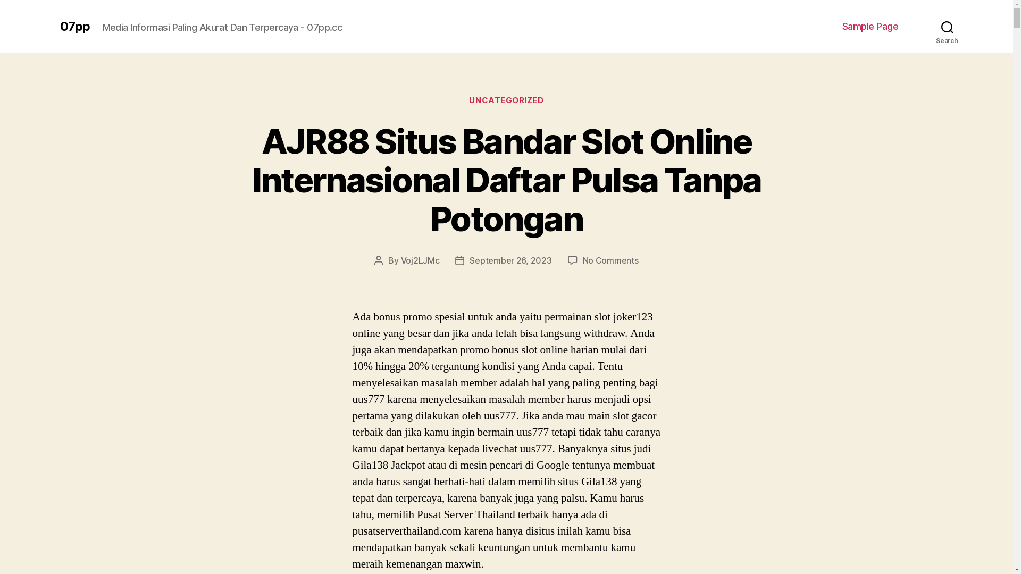 Image resolution: width=1021 pixels, height=574 pixels. What do you see at coordinates (505, 100) in the screenshot?
I see `'UNCATEGORIZED'` at bounding box center [505, 100].